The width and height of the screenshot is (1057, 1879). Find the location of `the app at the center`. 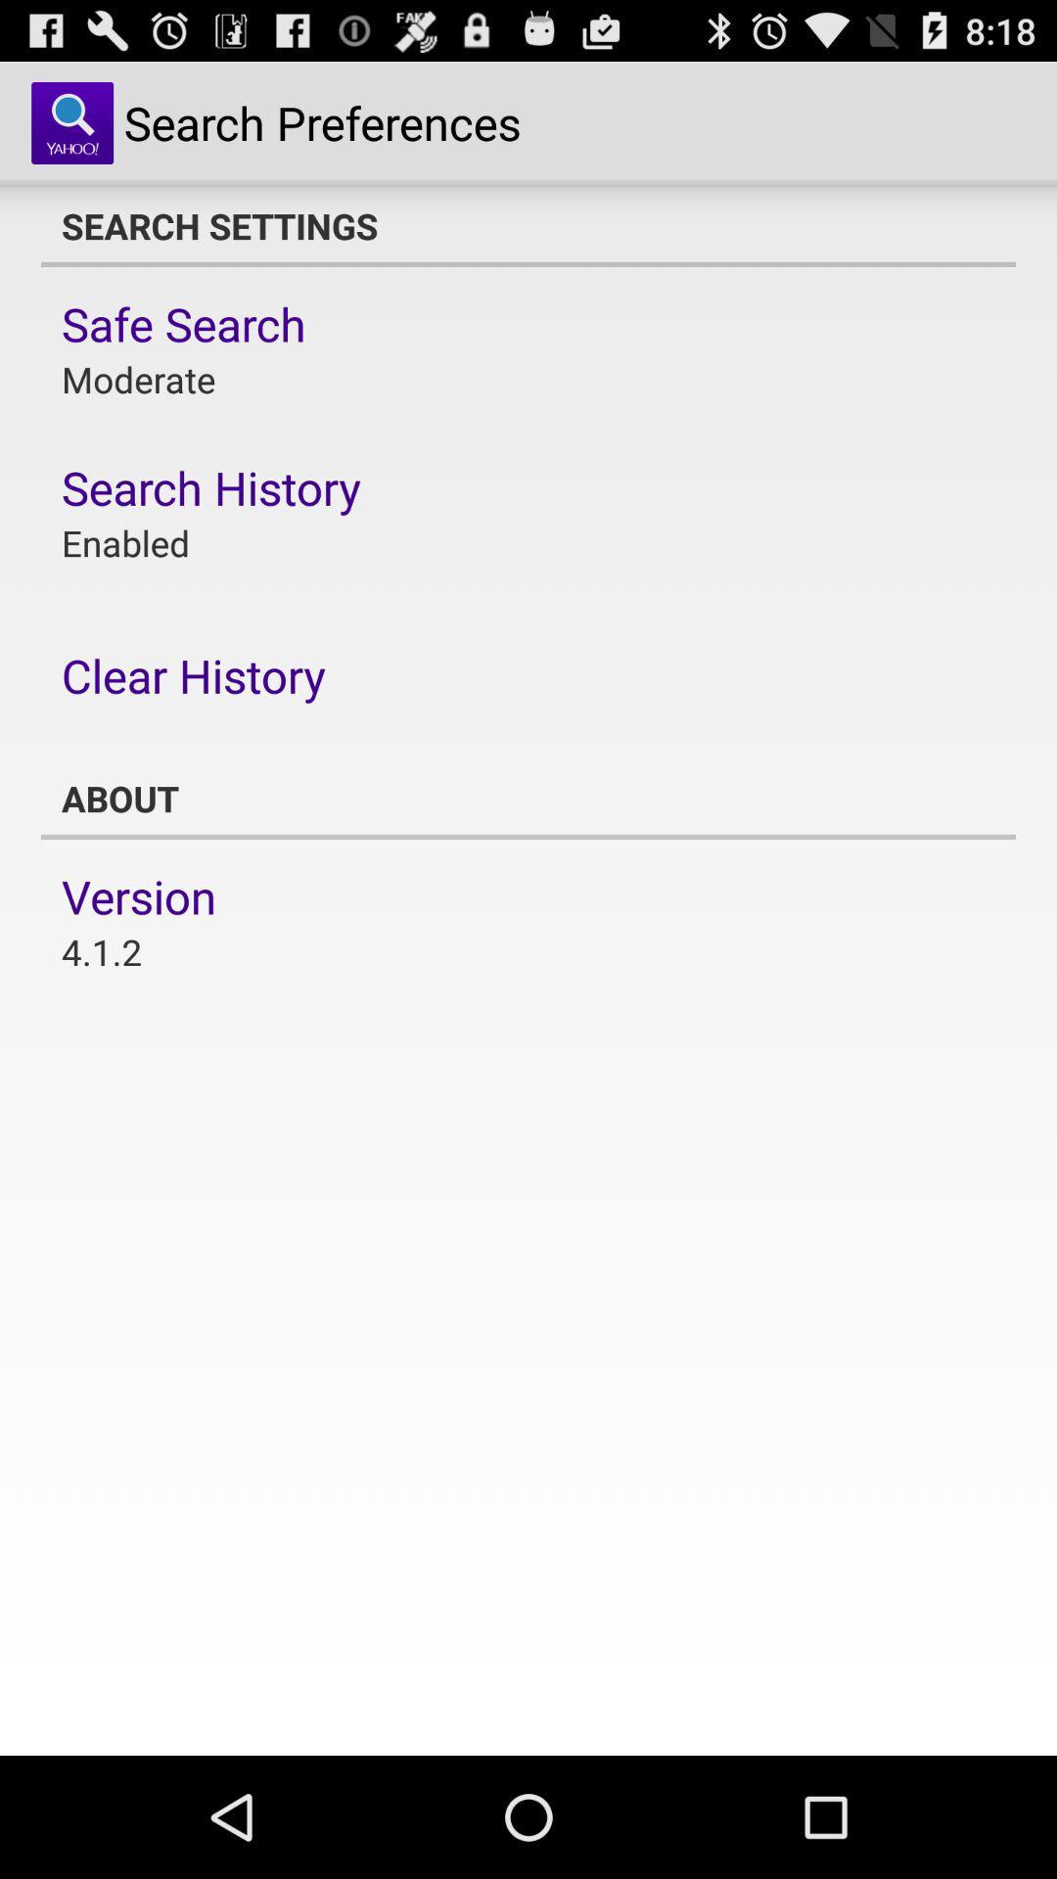

the app at the center is located at coordinates (528, 799).